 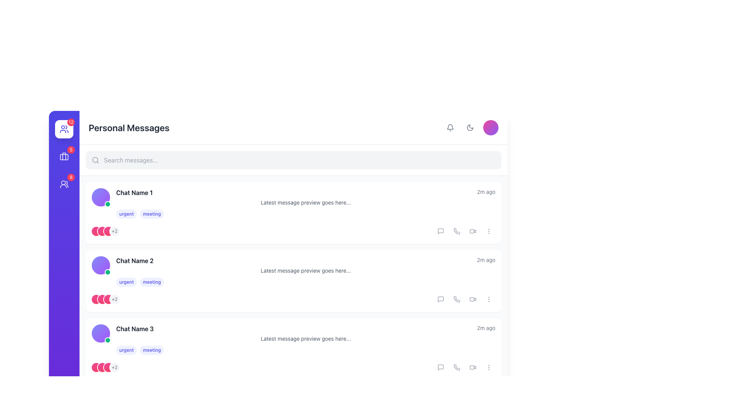 What do you see at coordinates (440, 231) in the screenshot?
I see `the messaging icon located in the 'Chat Name 1' section, aligned to the right side and the first icon in a horizontal sequence` at bounding box center [440, 231].